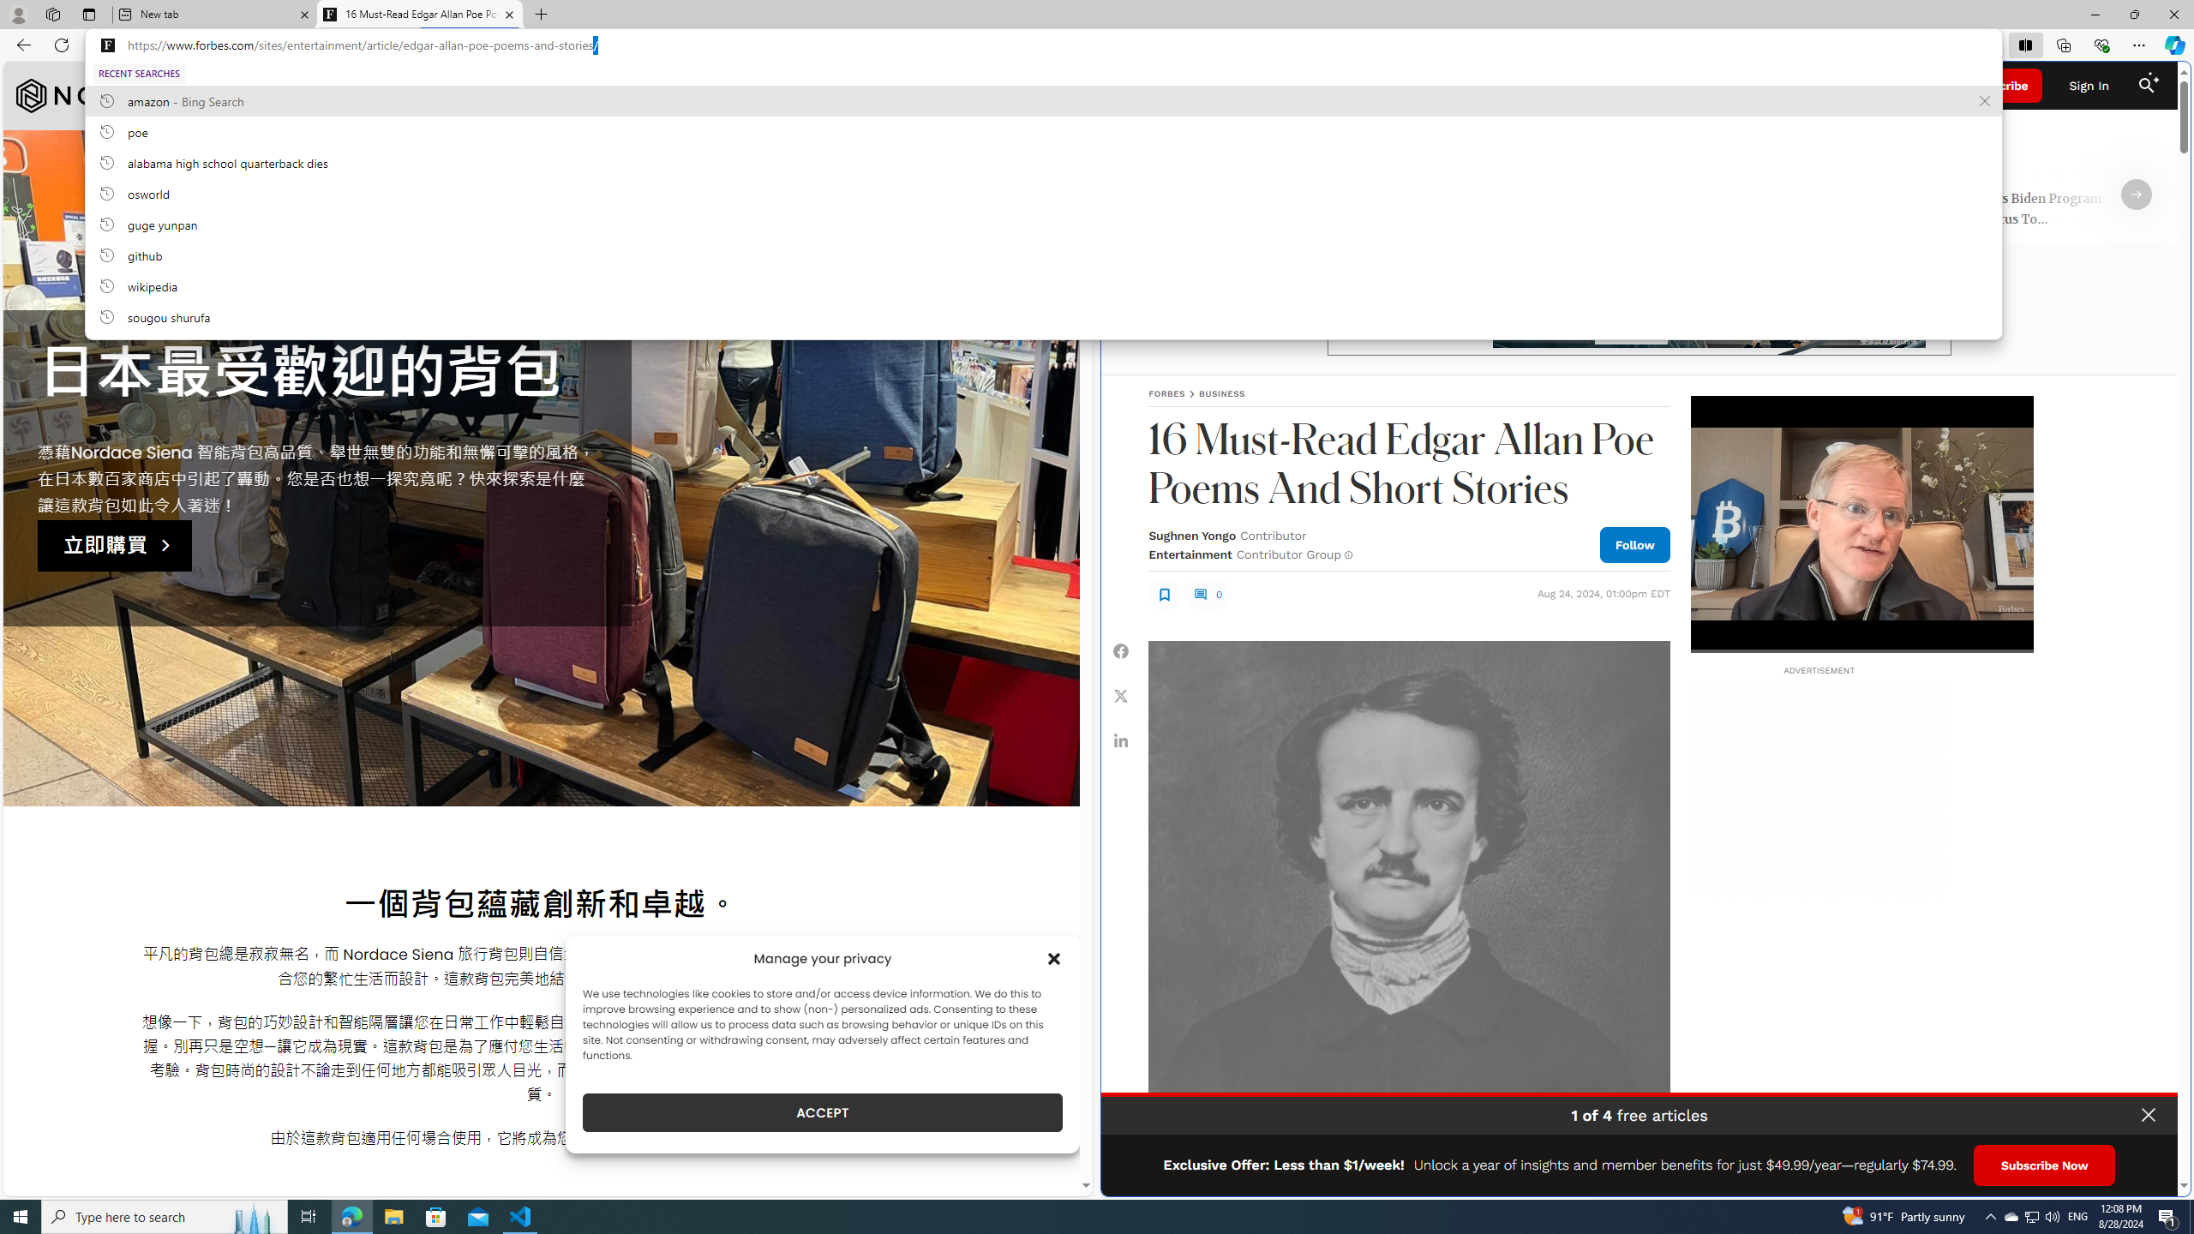 The width and height of the screenshot is (2194, 1234). What do you see at coordinates (1121, 695) in the screenshot?
I see `'Share Twitter'` at bounding box center [1121, 695].